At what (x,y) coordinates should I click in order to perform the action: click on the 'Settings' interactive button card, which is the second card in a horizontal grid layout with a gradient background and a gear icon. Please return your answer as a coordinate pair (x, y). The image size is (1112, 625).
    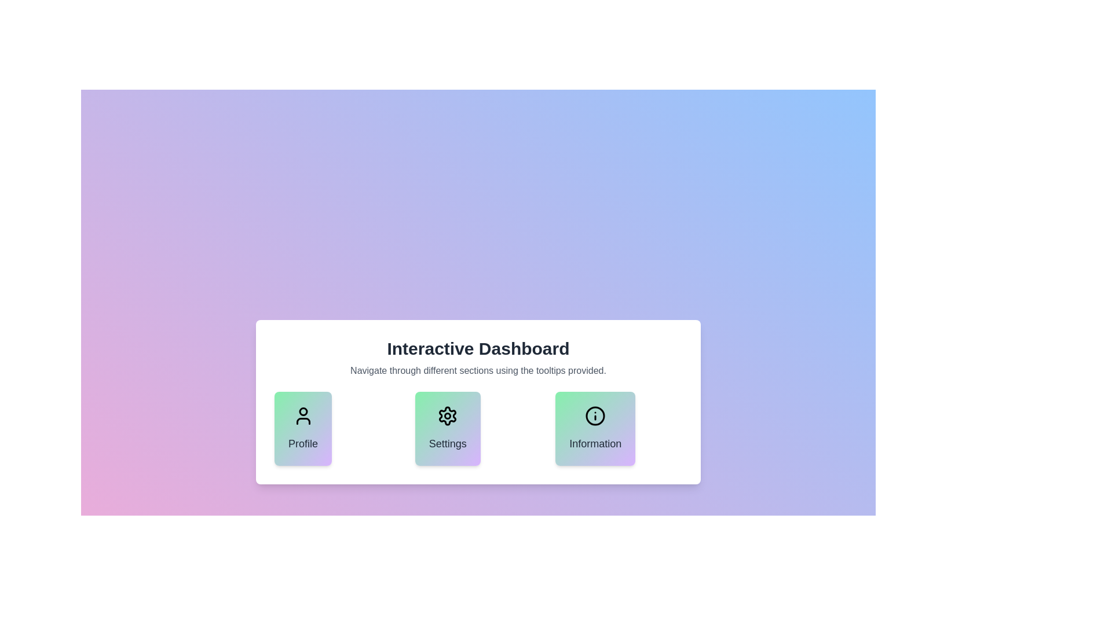
    Looking at the image, I should click on (478, 428).